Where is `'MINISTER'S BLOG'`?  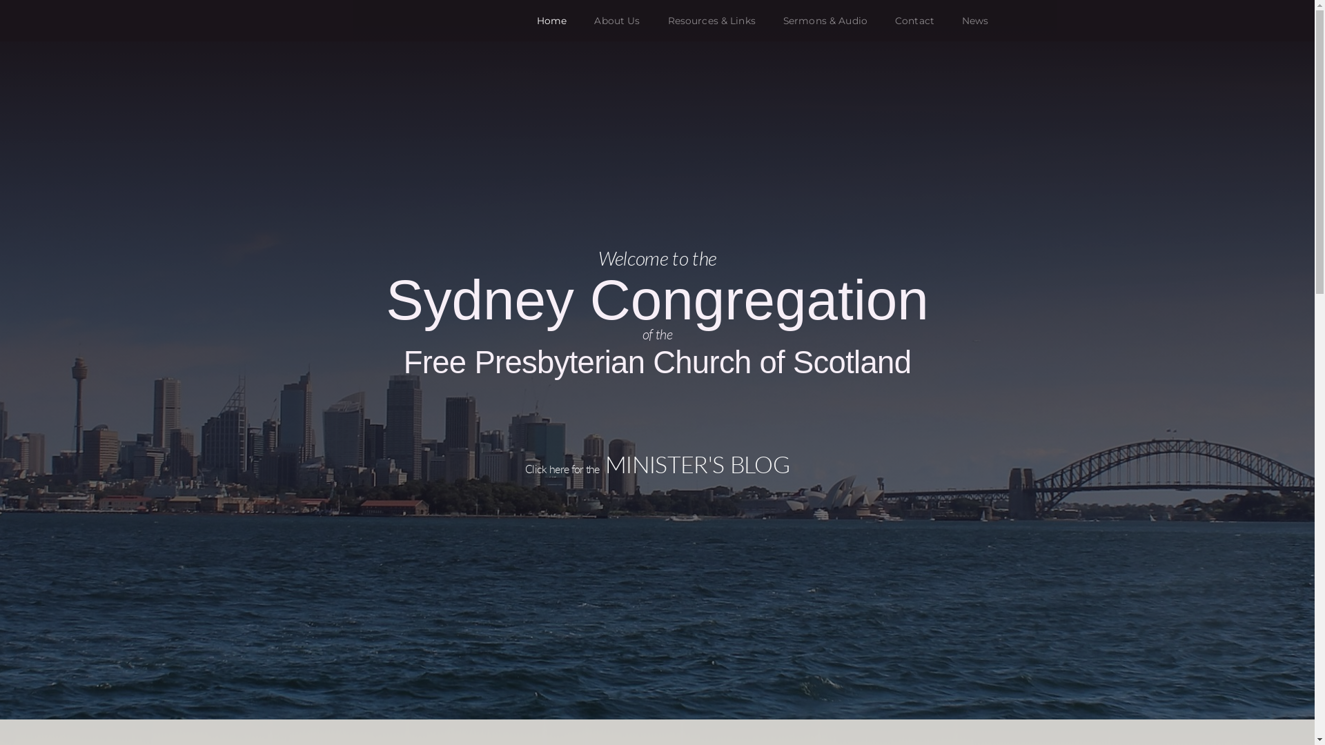 'MINISTER'S BLOG' is located at coordinates (697, 466).